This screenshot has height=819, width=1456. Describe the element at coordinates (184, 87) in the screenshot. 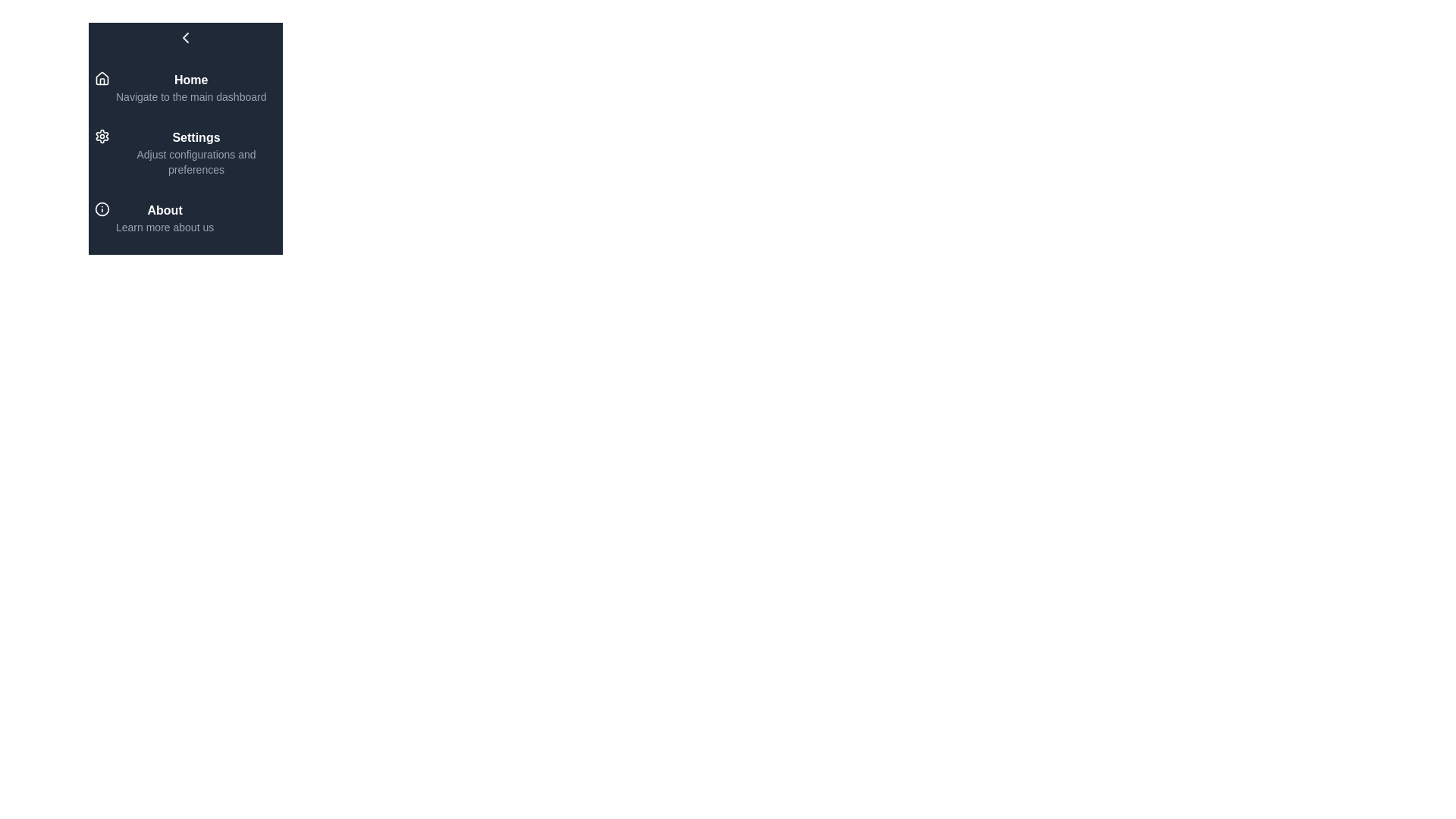

I see `the menu item Home to highlight it` at that location.